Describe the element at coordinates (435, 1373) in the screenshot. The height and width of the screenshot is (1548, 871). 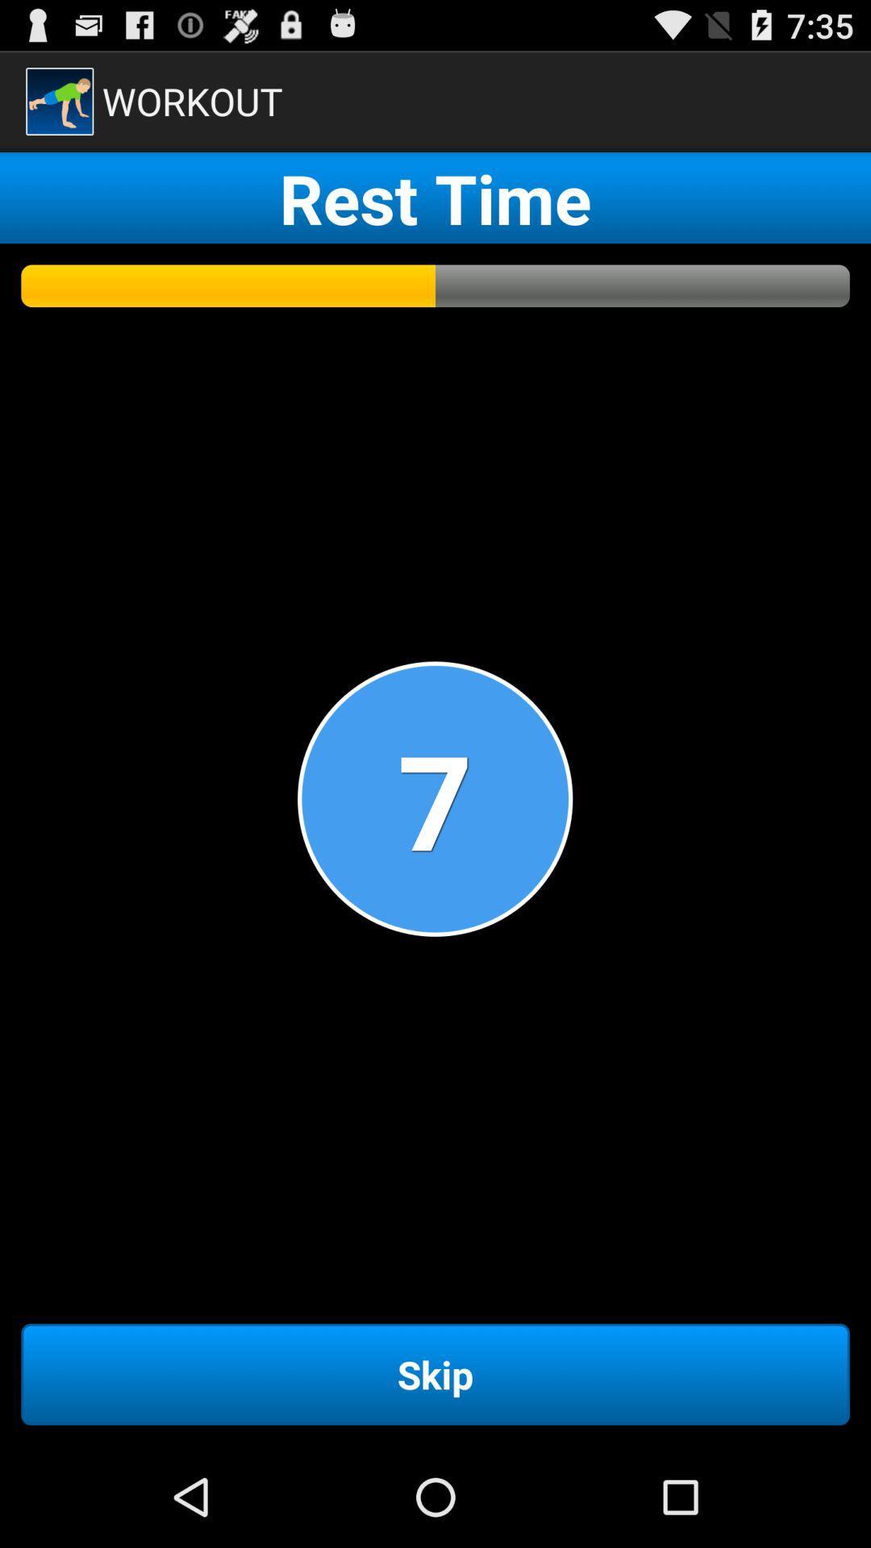
I see `the skip item` at that location.